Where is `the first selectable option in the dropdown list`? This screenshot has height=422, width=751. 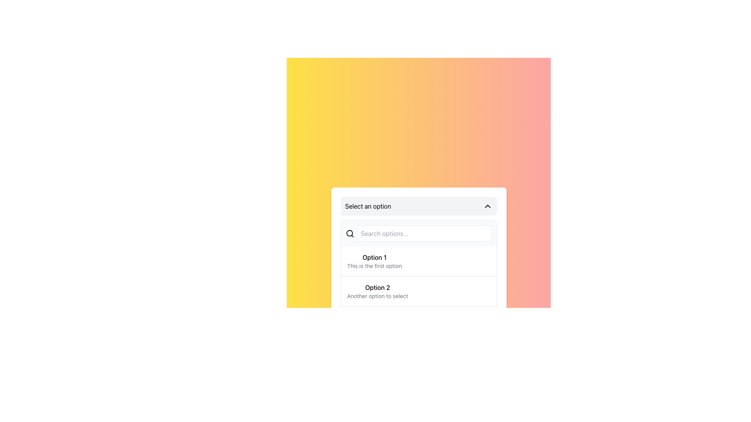 the first selectable option in the dropdown list is located at coordinates (374, 261).